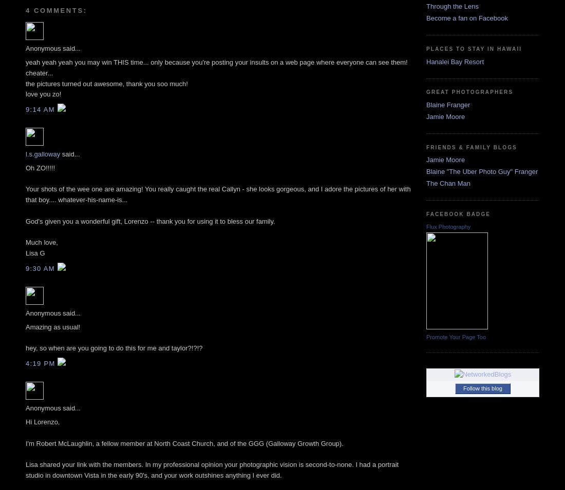 This screenshot has height=490, width=565. I want to click on 'The Chan Man', so click(447, 182).